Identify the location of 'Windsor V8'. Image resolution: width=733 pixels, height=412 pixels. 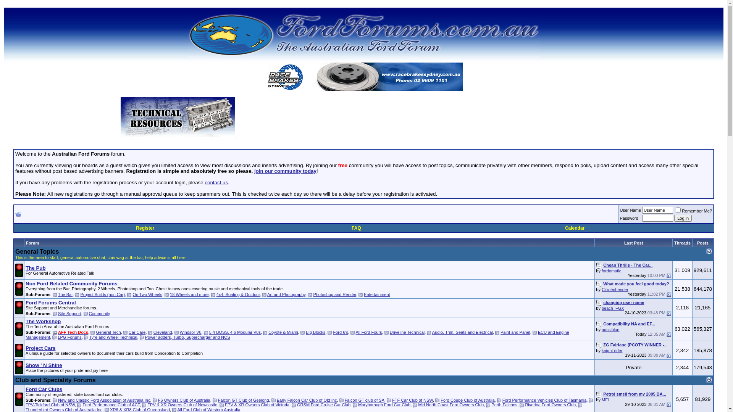
(191, 332).